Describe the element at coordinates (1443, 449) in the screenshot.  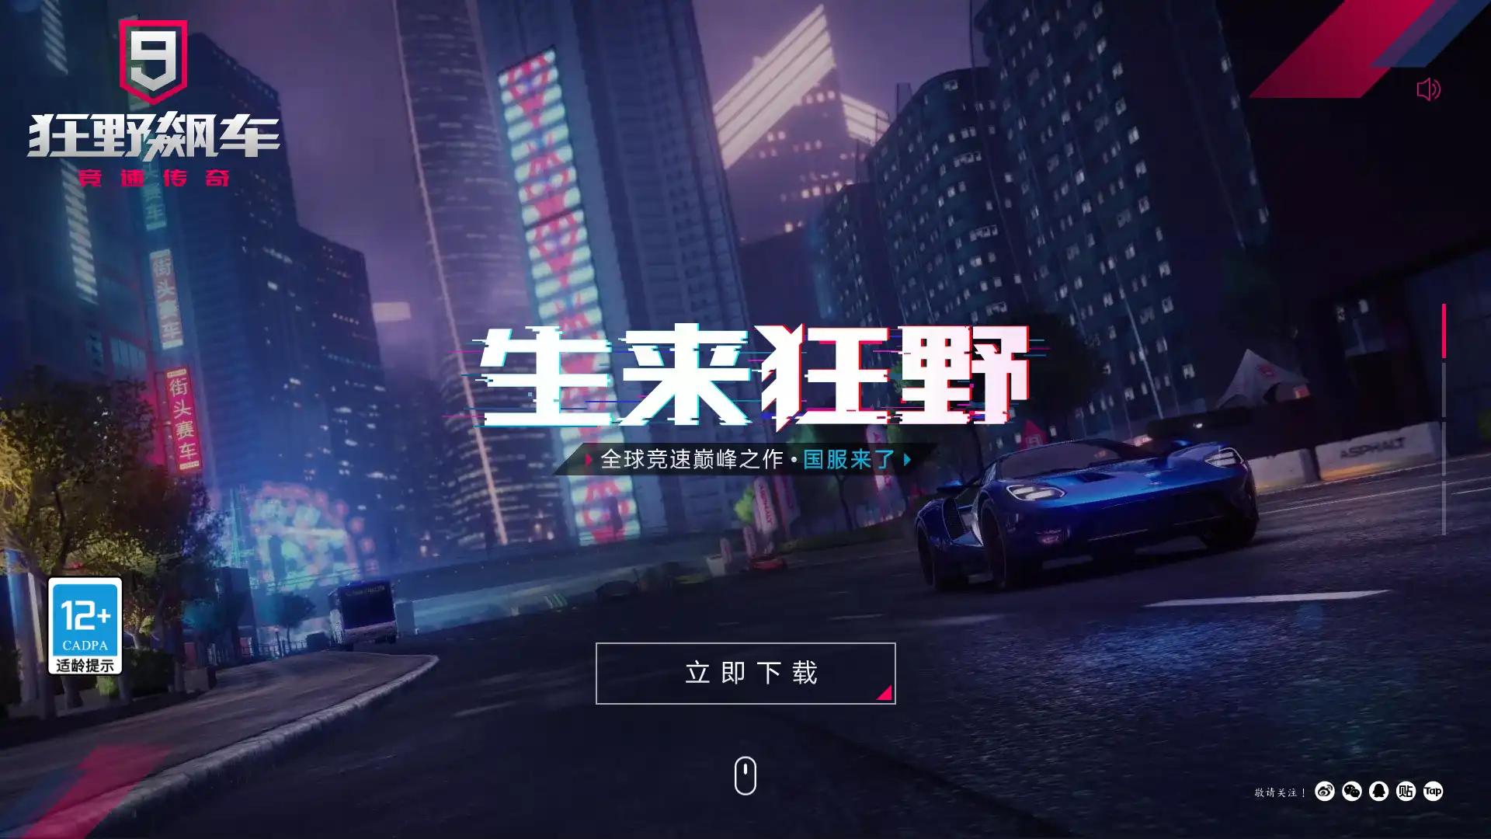
I see `Go to slide 3` at that location.